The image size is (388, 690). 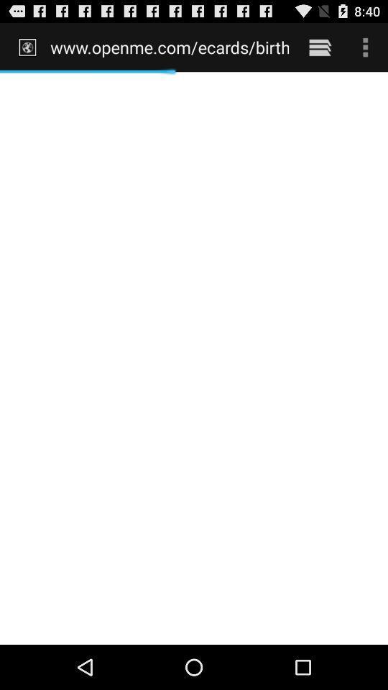 What do you see at coordinates (194, 357) in the screenshot?
I see `the icon at the center` at bounding box center [194, 357].